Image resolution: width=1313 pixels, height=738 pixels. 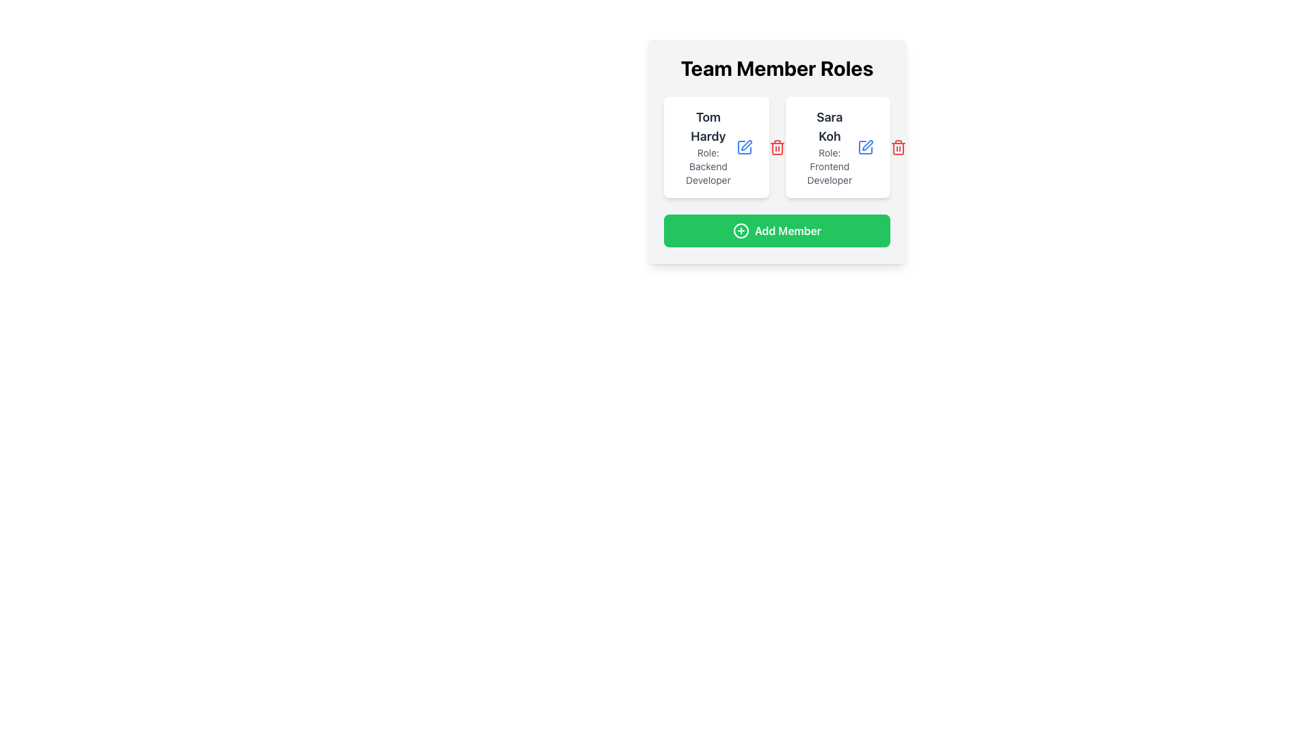 What do you see at coordinates (865, 148) in the screenshot?
I see `the edit button located to the right of the text 'Sara Koh' and 'Role: Frontend Developer' in the upper-right section of Sara Koh's card` at bounding box center [865, 148].